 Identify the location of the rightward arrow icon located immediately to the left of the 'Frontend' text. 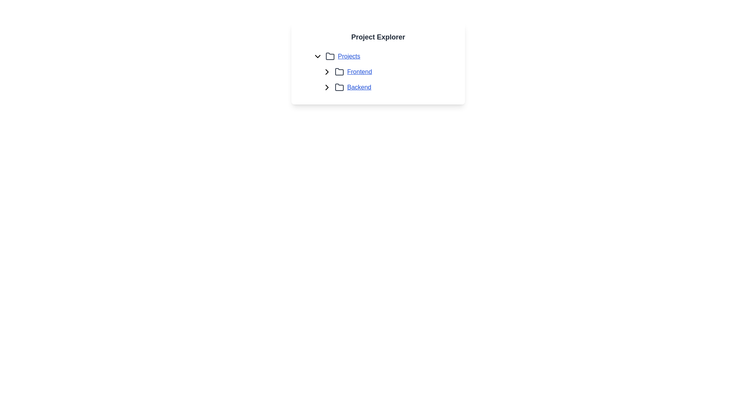
(327, 72).